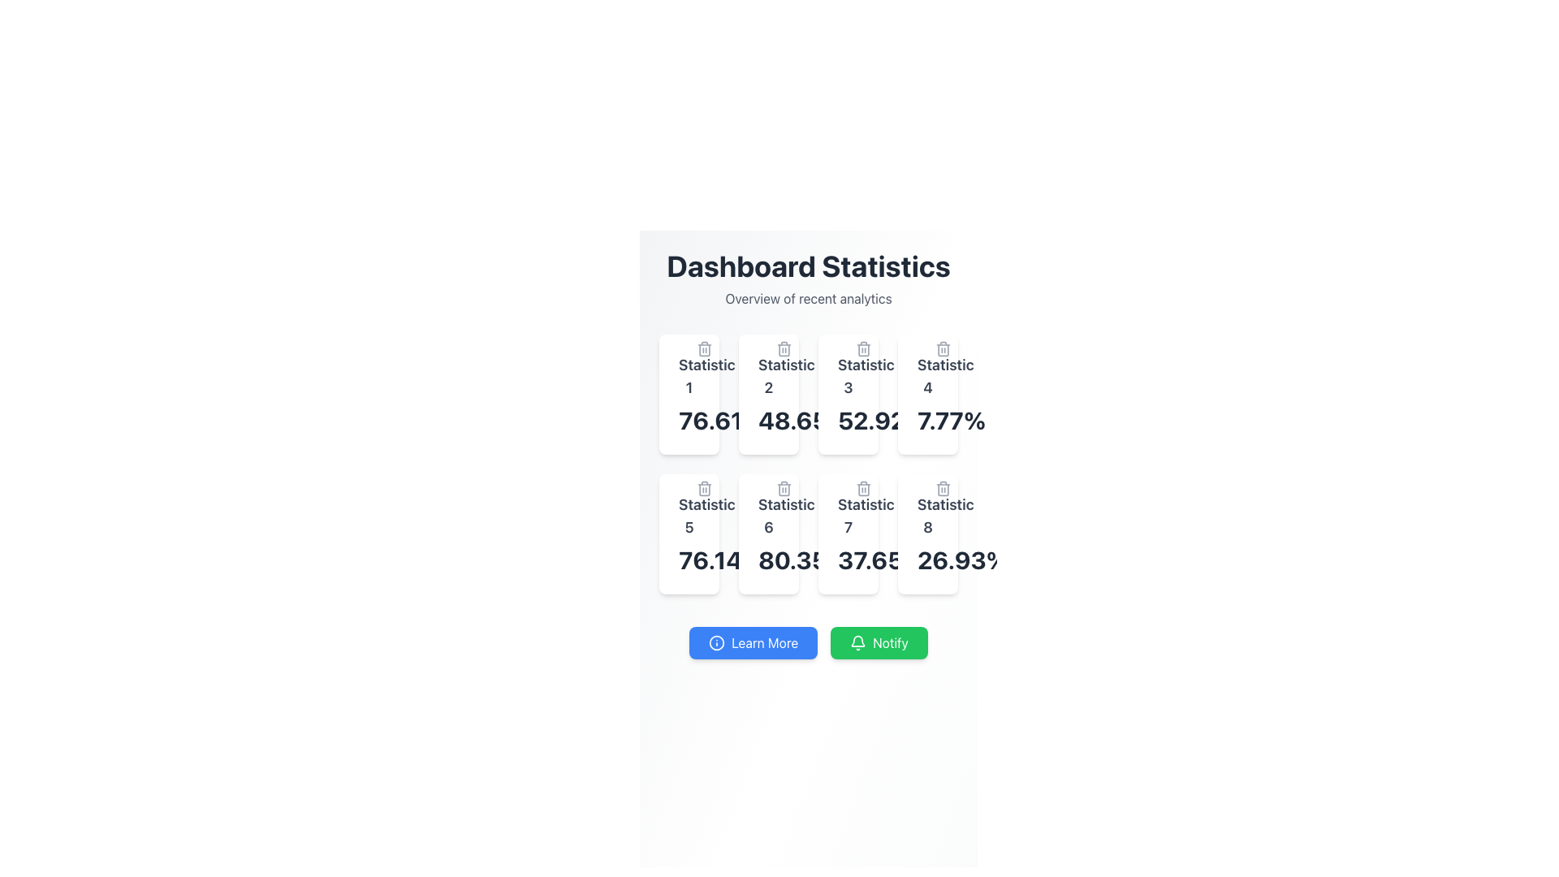 The width and height of the screenshot is (1559, 877). Describe the element at coordinates (857, 642) in the screenshot. I see `the notification icon located inside the green 'Notify' button` at that location.